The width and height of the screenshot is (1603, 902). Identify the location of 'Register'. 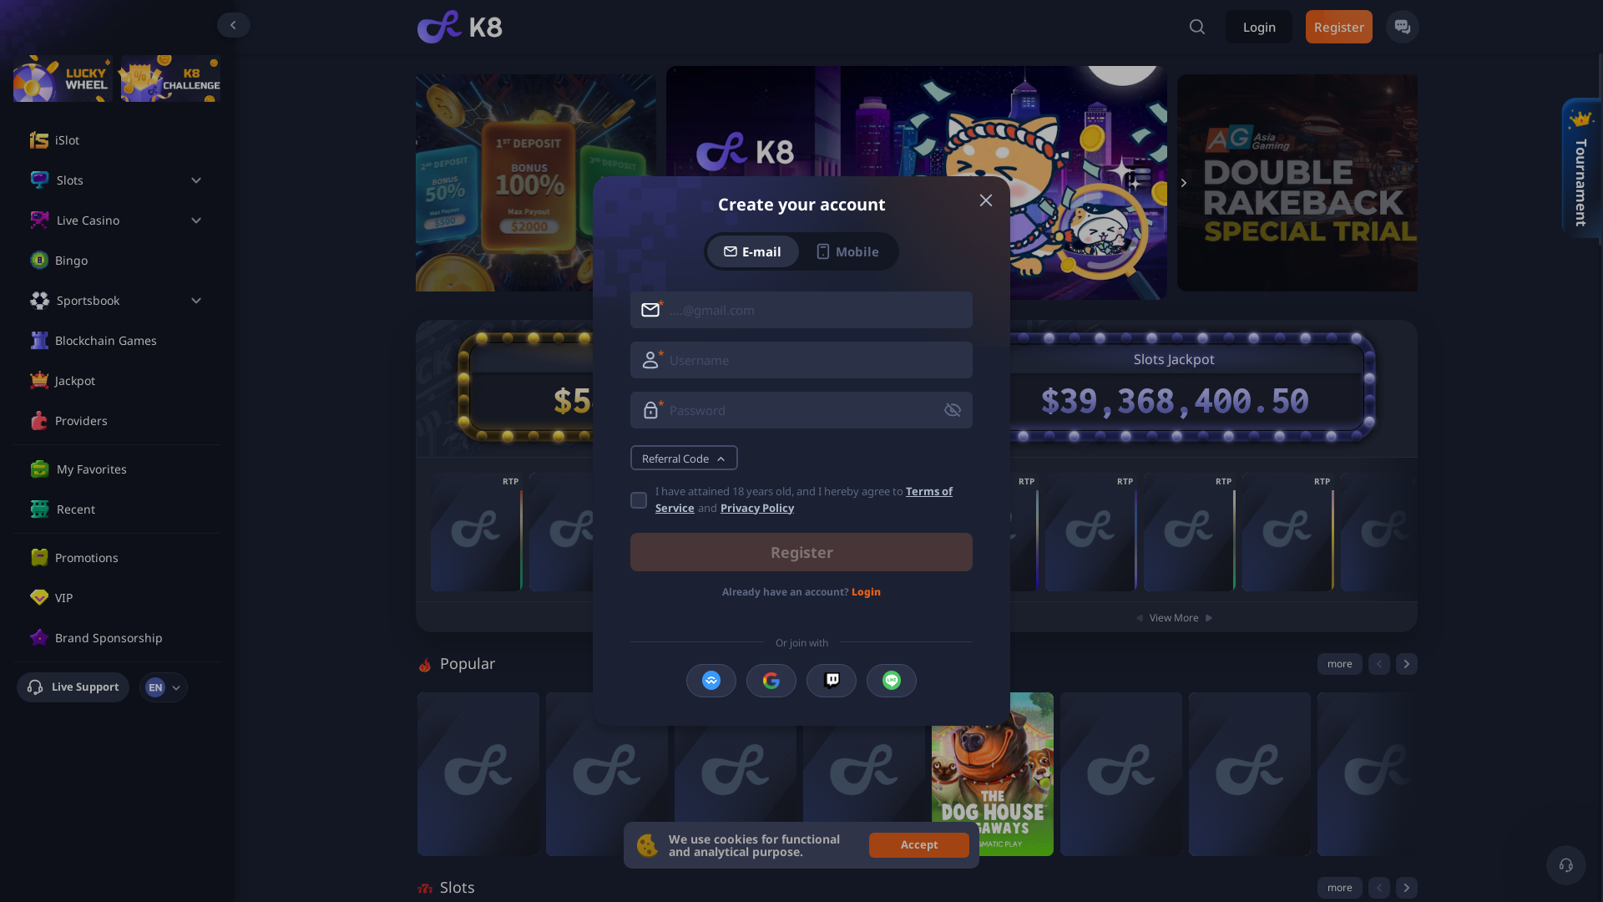
(801, 551).